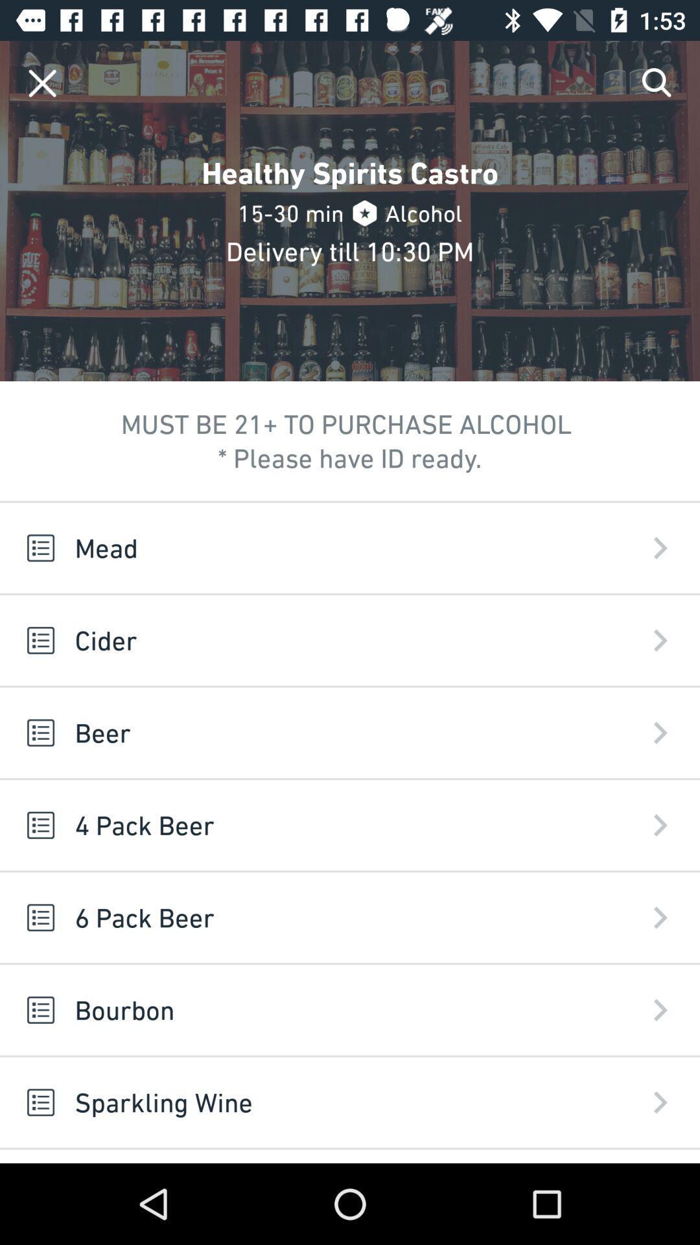  I want to click on the icon at the top left corner, so click(41, 82).